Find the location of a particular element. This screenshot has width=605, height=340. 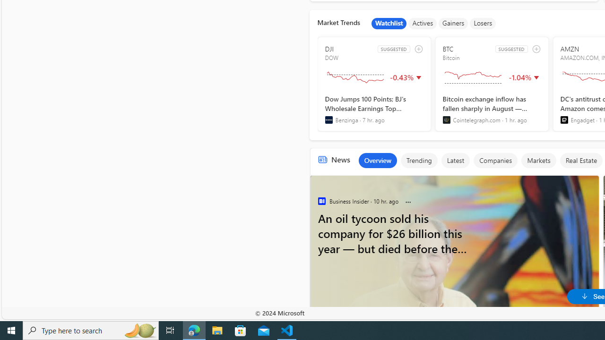

'Actives' is located at coordinates (422, 23).